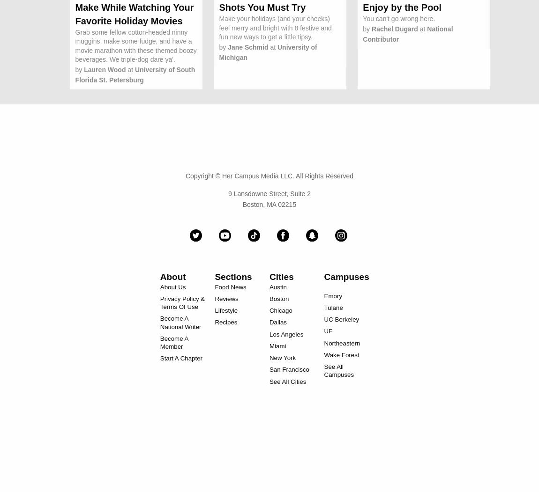  I want to click on 'Copyright ©', so click(203, 175).